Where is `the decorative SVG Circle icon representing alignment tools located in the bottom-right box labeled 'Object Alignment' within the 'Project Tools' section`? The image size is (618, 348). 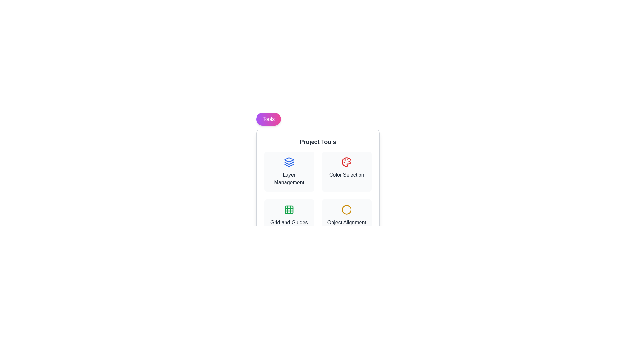 the decorative SVG Circle icon representing alignment tools located in the bottom-right box labeled 'Object Alignment' within the 'Project Tools' section is located at coordinates (346, 210).